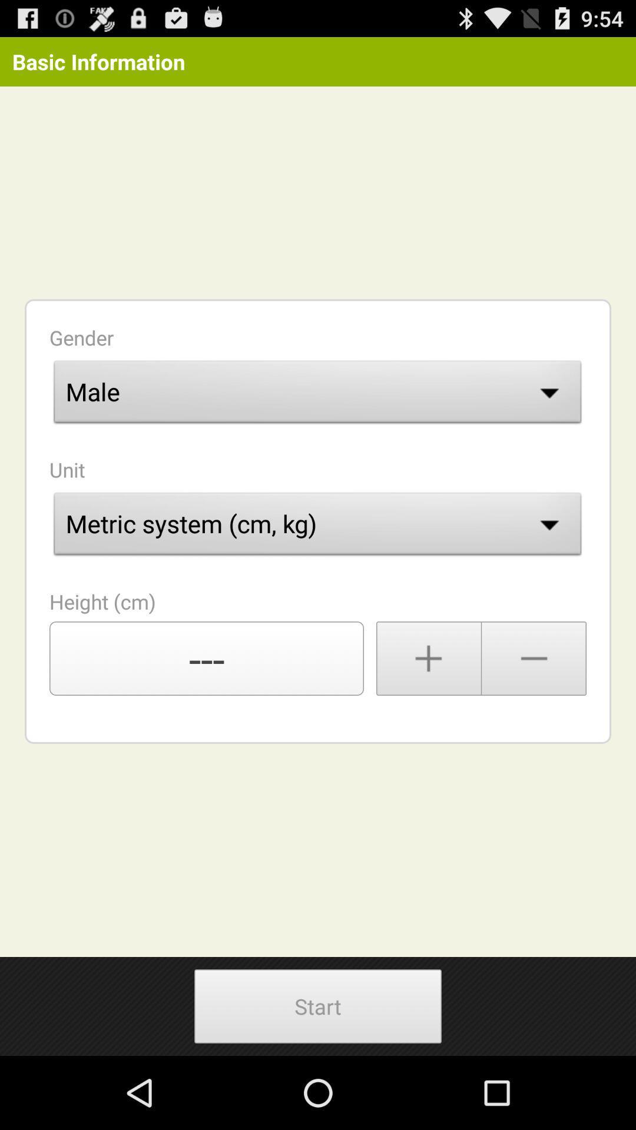 This screenshot has width=636, height=1130. Describe the element at coordinates (428, 657) in the screenshot. I see `increase the number till you find your height measurement` at that location.